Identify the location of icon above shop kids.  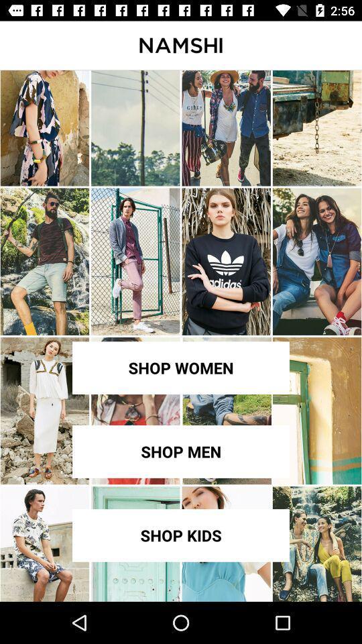
(181, 451).